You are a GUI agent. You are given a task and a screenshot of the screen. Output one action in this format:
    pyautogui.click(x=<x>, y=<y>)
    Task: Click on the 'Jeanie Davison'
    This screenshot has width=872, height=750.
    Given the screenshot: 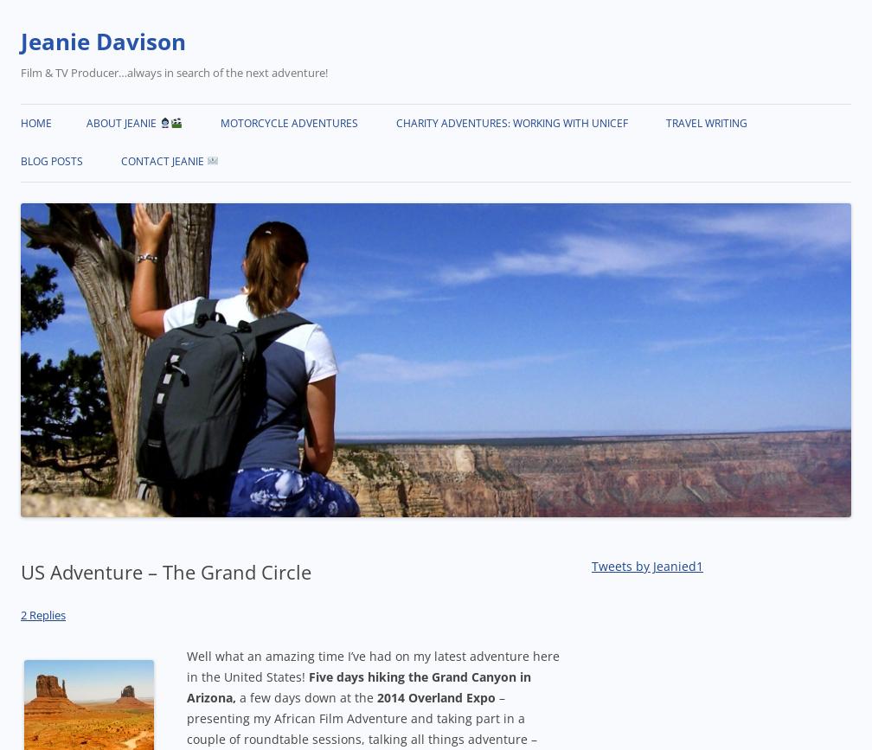 What is the action you would take?
    pyautogui.click(x=103, y=42)
    